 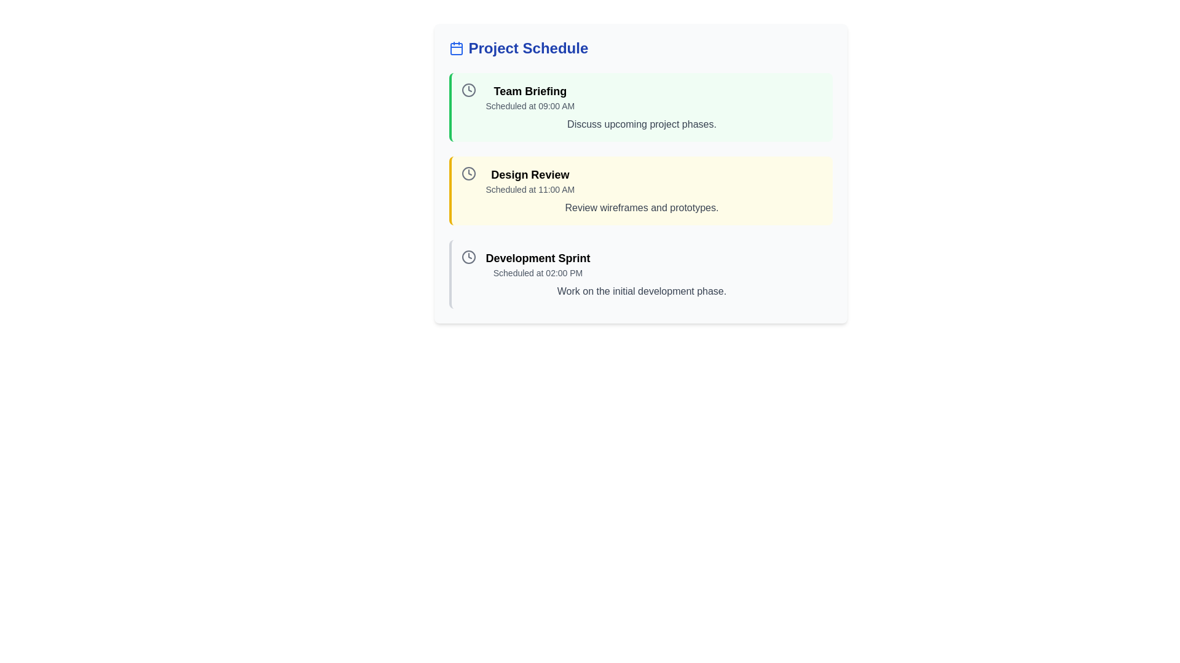 What do you see at coordinates (468, 257) in the screenshot?
I see `the circular shape element representing the outer boundary of the clock icon next to the text 'Development Sprint' for inspection` at bounding box center [468, 257].